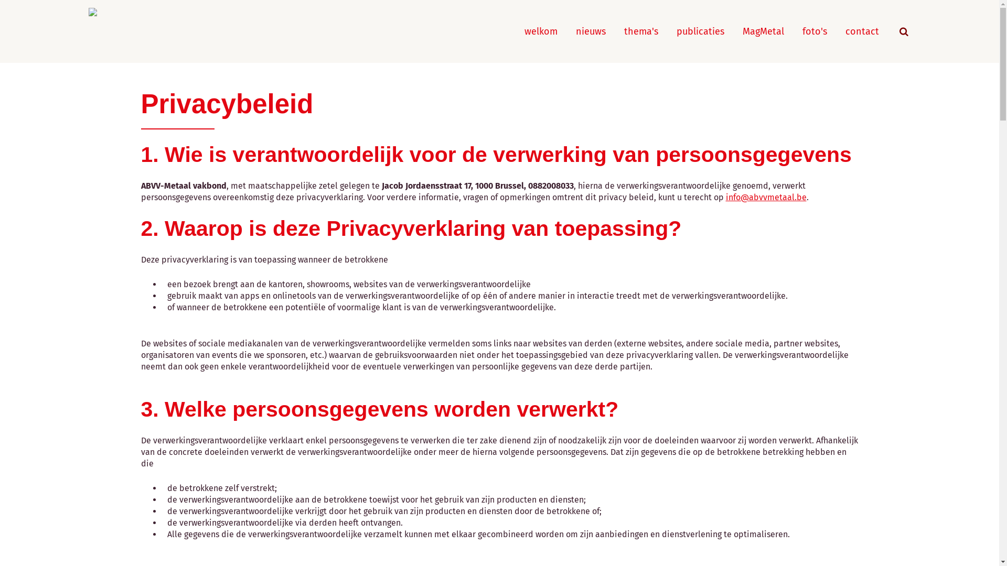  What do you see at coordinates (591, 31) in the screenshot?
I see `'nieuws'` at bounding box center [591, 31].